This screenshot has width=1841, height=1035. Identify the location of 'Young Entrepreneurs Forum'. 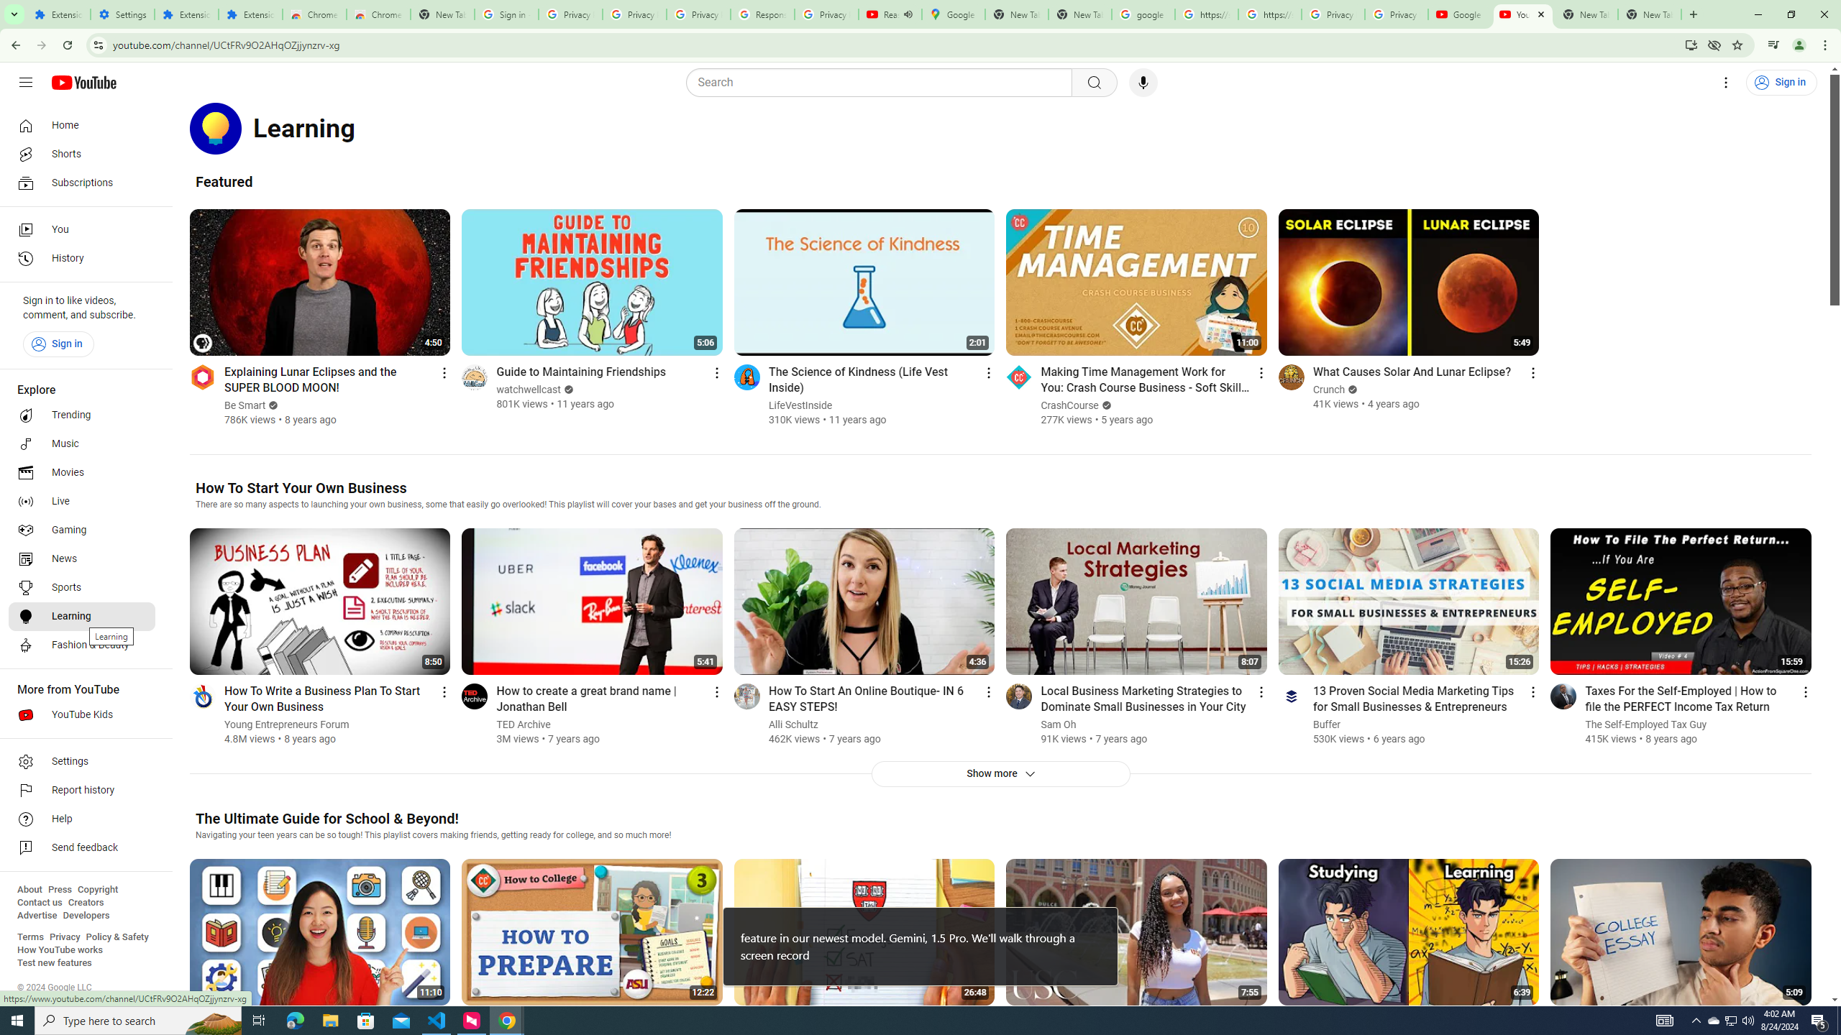
(287, 724).